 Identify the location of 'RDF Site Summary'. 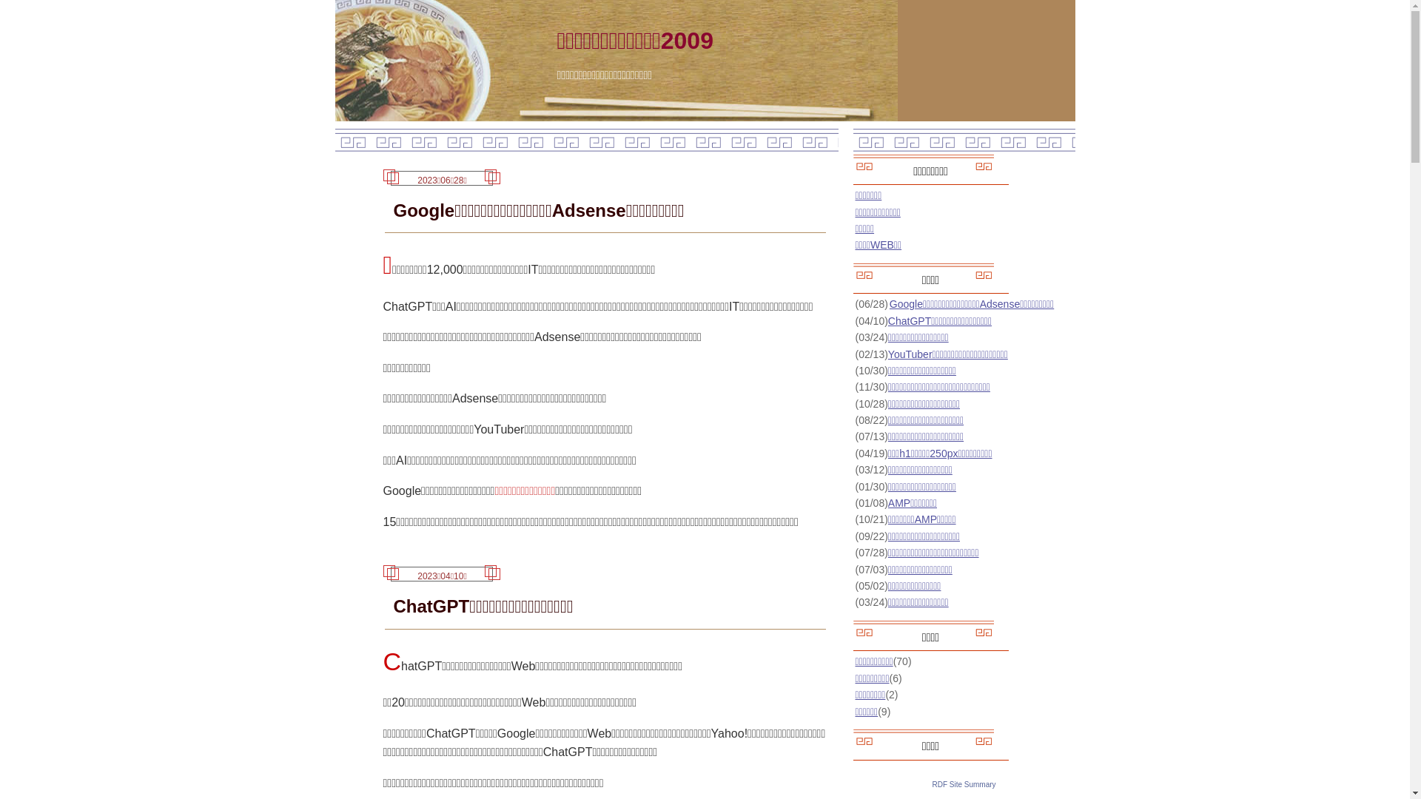
(930, 783).